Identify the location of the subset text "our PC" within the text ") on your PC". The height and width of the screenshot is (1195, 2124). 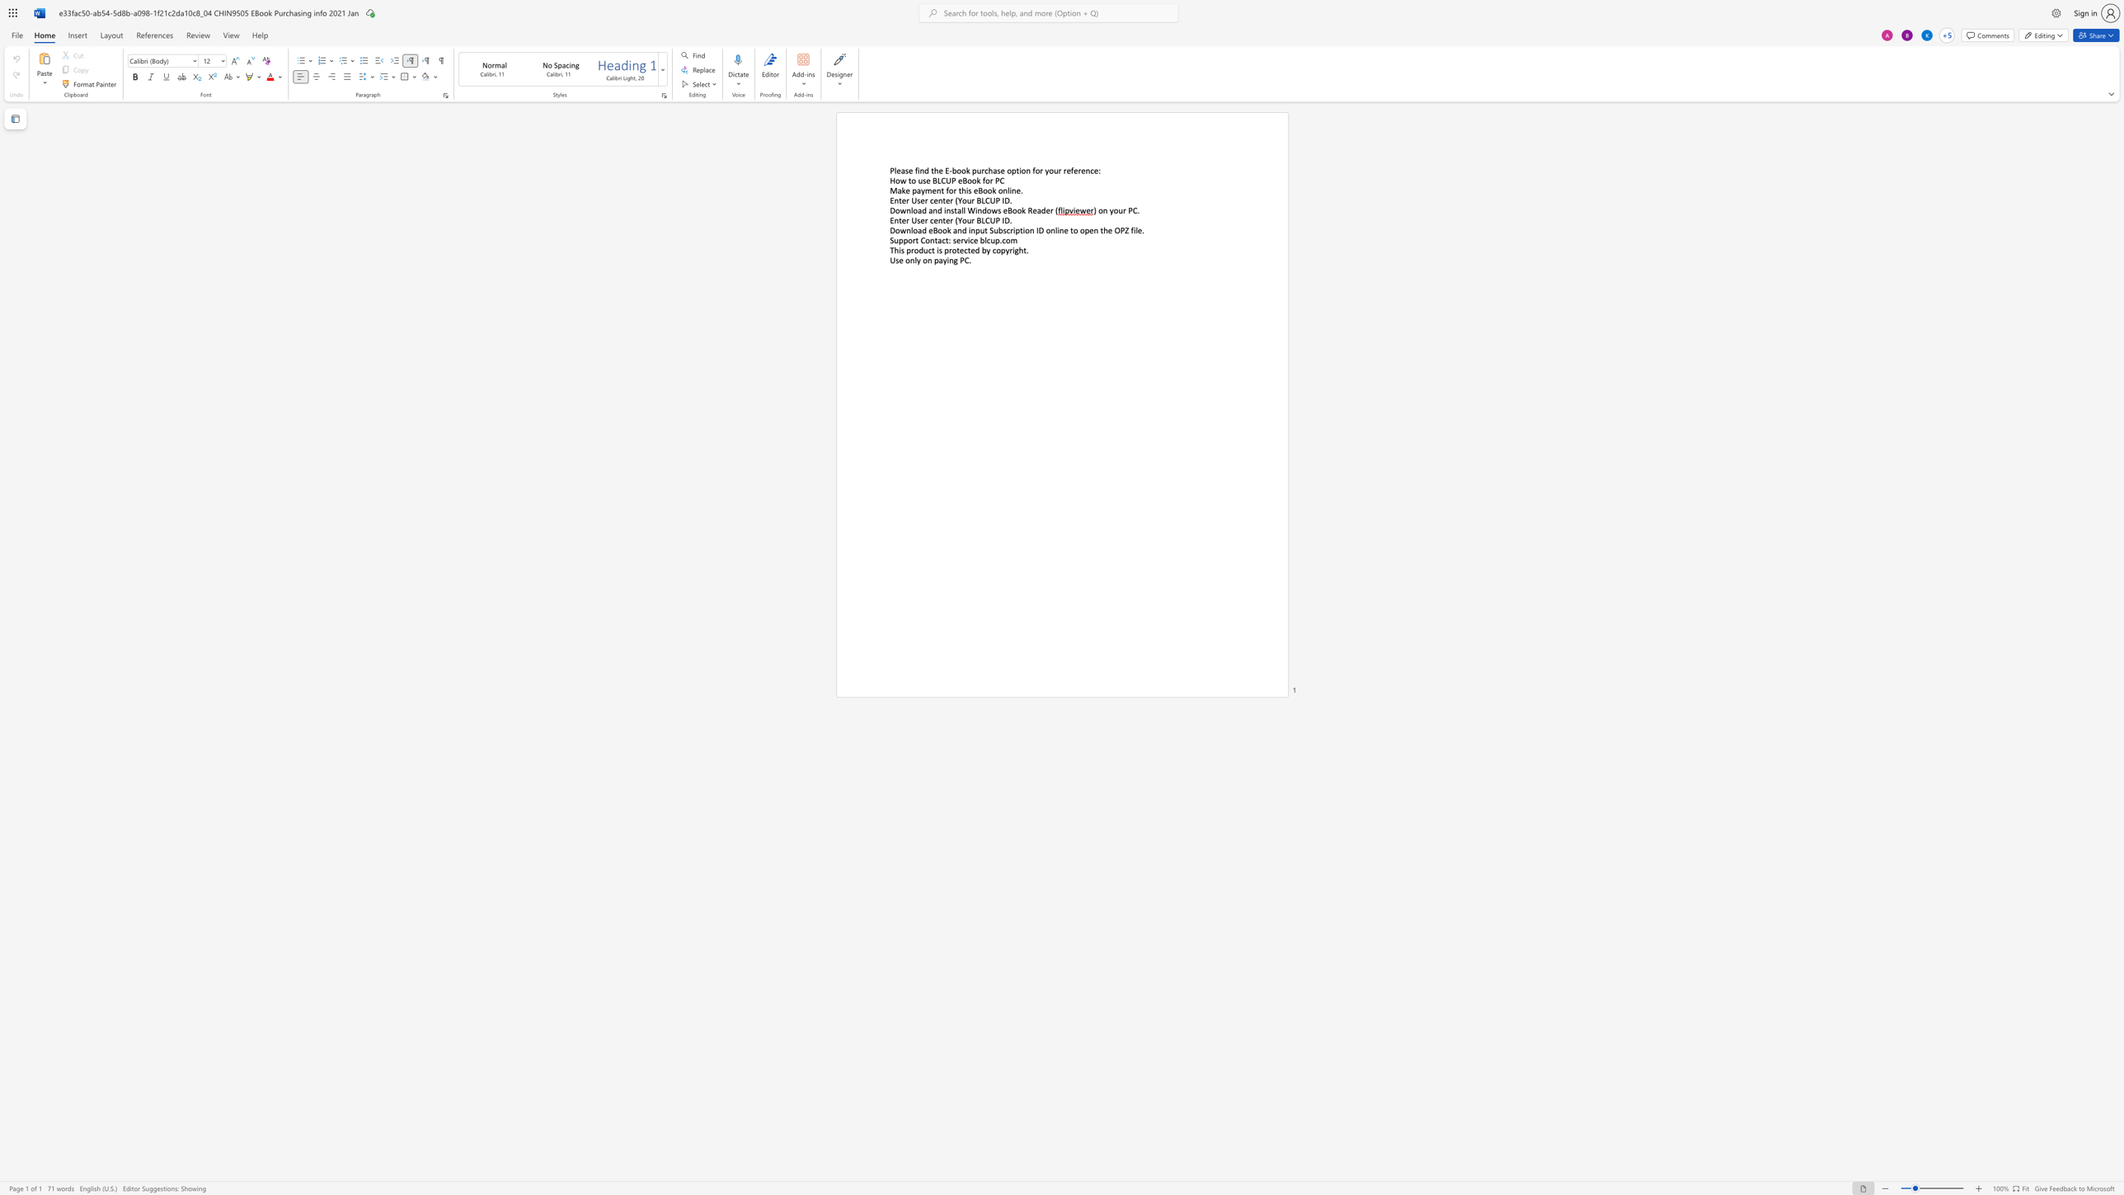
(1112, 210).